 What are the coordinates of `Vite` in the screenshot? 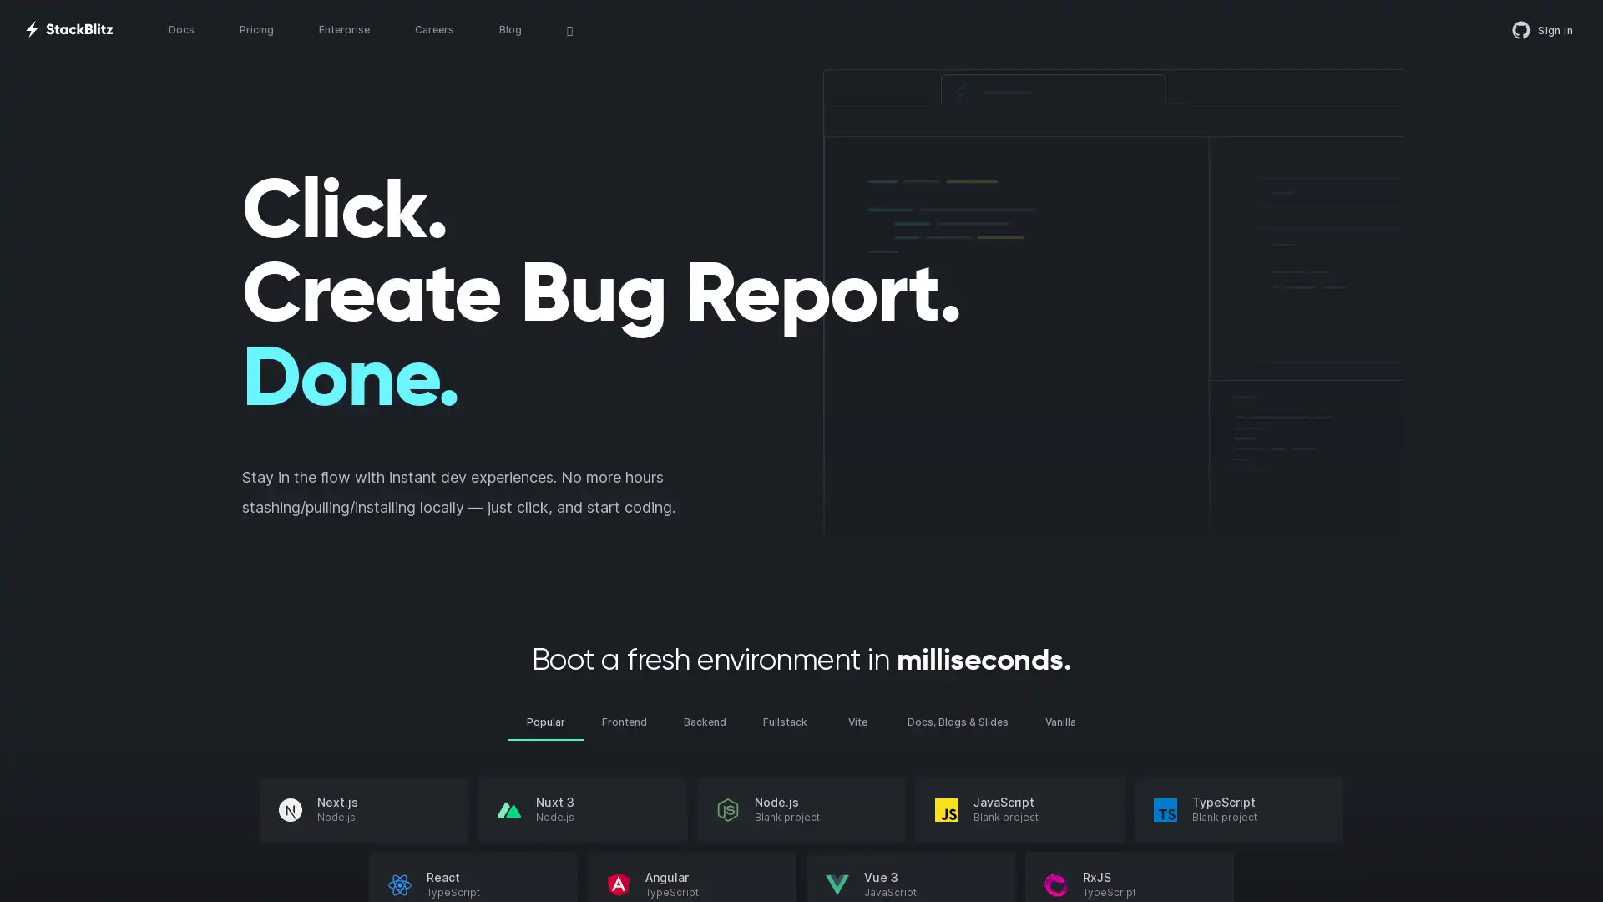 It's located at (857, 721).